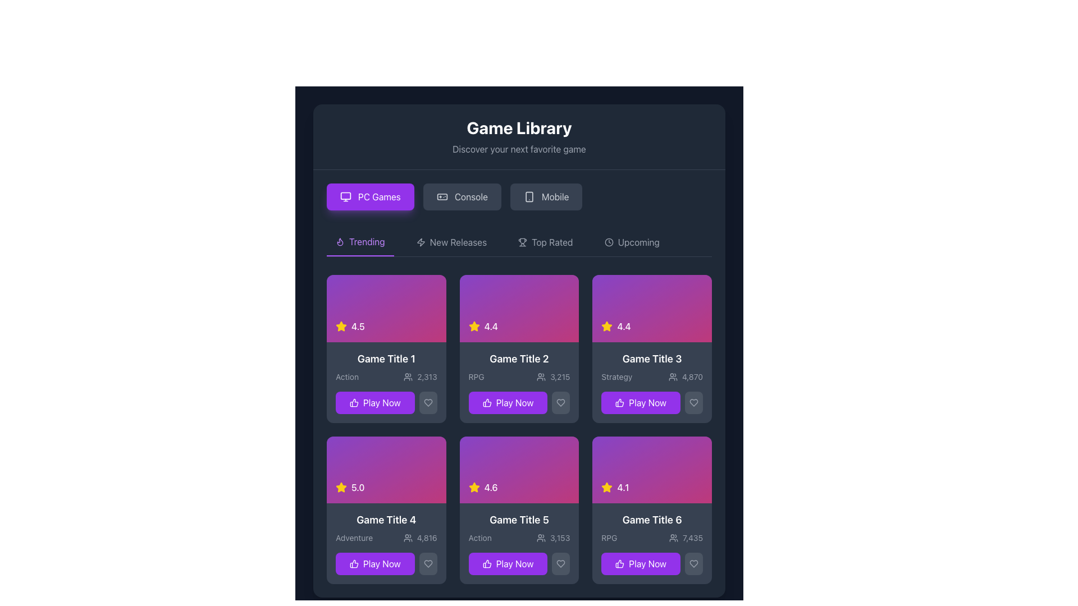 This screenshot has height=606, width=1078. I want to click on the descriptive information element displaying 'Adventure' and the count '4,816' in the fourth game card of the second row, so click(386, 538).